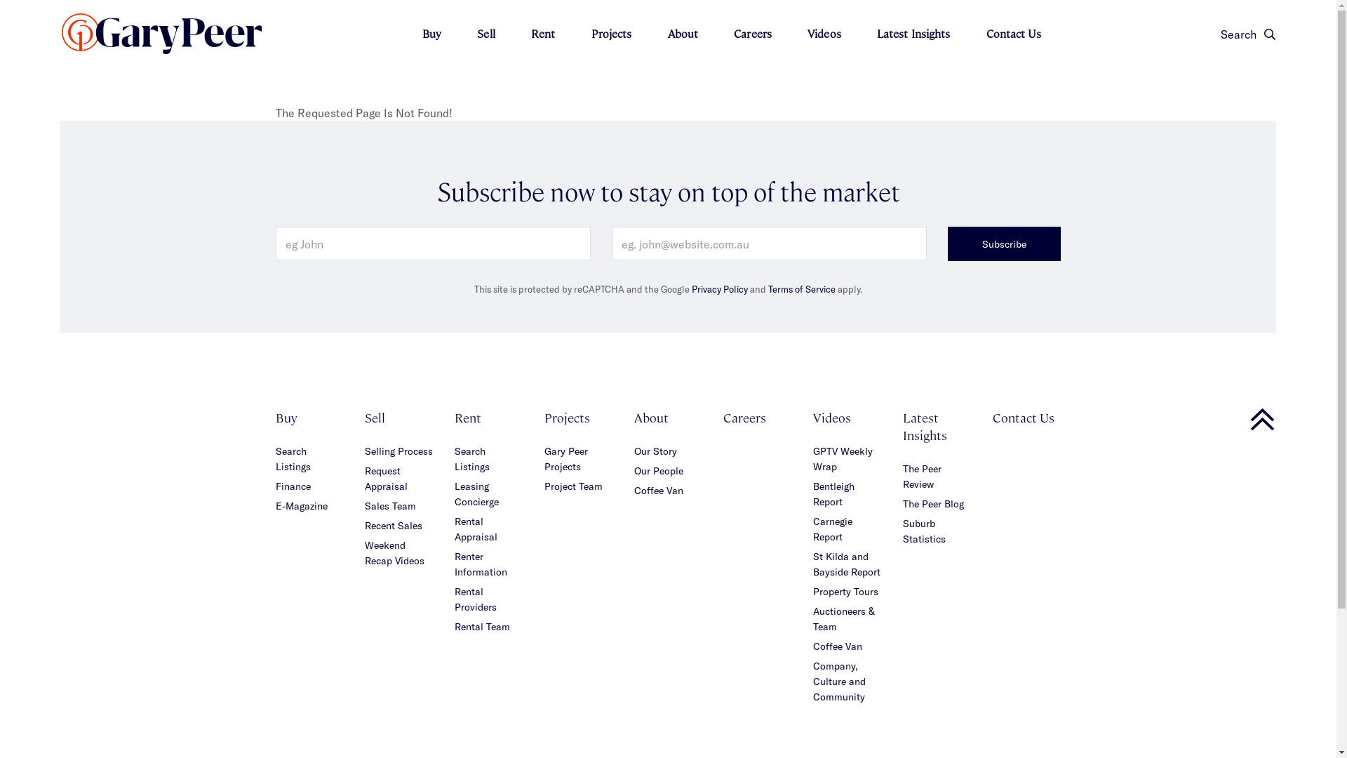 Image resolution: width=1347 pixels, height=758 pixels. Describe the element at coordinates (845, 563) in the screenshot. I see `'St Kilda and Bayside Report'` at that location.